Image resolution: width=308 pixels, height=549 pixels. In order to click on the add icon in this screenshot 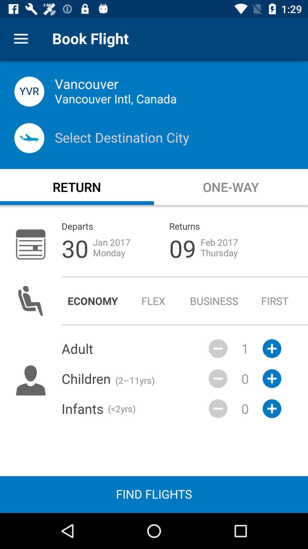, I will do `click(271, 408)`.